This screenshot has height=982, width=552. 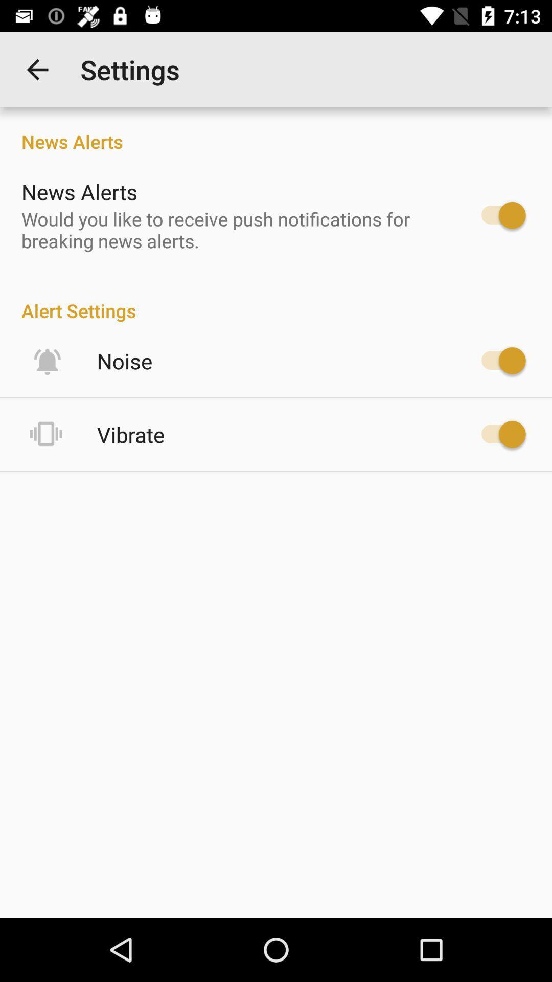 What do you see at coordinates (276, 299) in the screenshot?
I see `alert settings item` at bounding box center [276, 299].